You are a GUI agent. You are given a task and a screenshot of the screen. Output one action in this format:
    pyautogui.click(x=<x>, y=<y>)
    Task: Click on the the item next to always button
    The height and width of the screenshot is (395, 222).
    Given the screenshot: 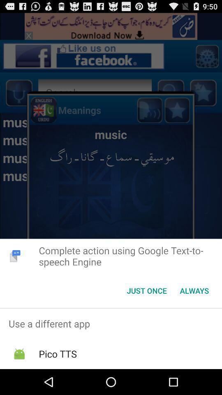 What is the action you would take?
    pyautogui.click(x=146, y=290)
    